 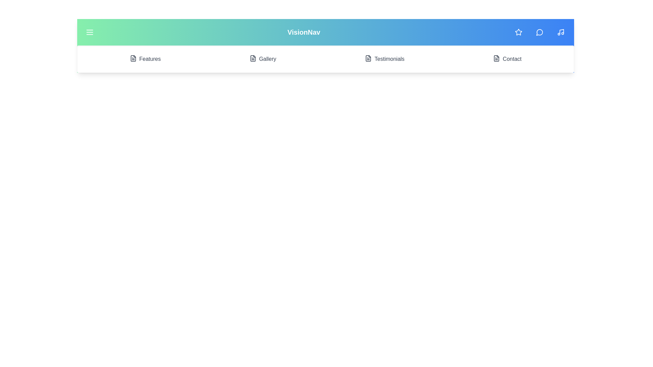 What do you see at coordinates (561, 32) in the screenshot?
I see `the Music icon in the navigation bar` at bounding box center [561, 32].